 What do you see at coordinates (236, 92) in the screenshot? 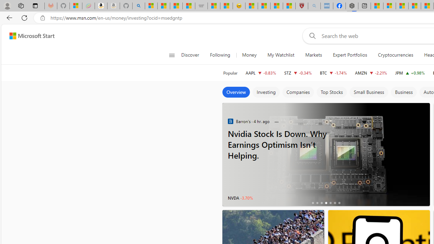
I see `'Overview'` at bounding box center [236, 92].